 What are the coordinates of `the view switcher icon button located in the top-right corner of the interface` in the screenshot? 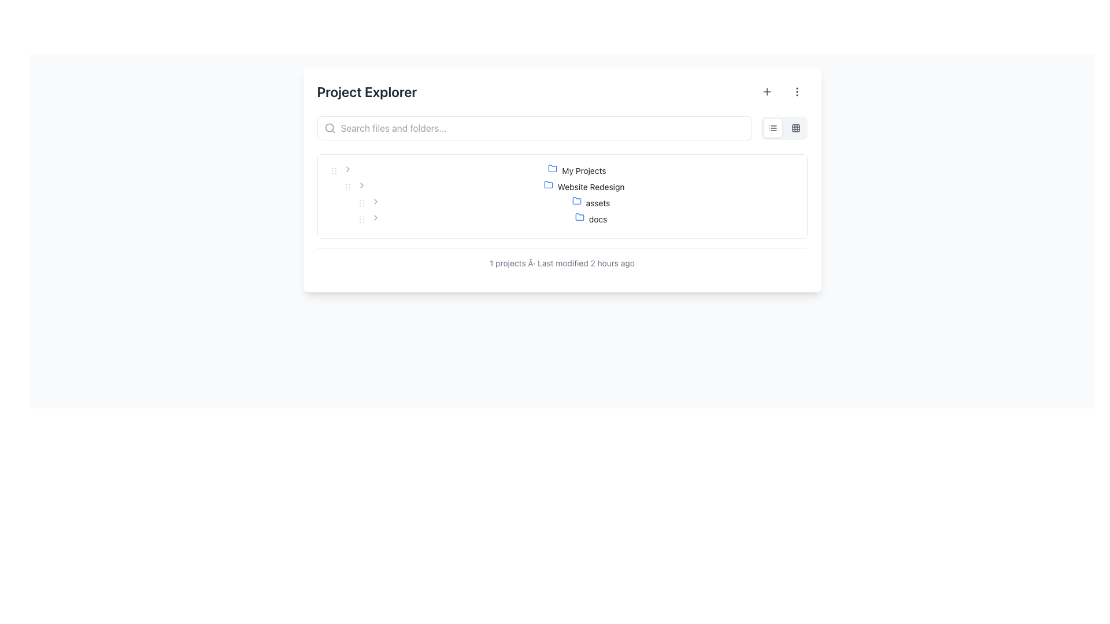 It's located at (795, 128).